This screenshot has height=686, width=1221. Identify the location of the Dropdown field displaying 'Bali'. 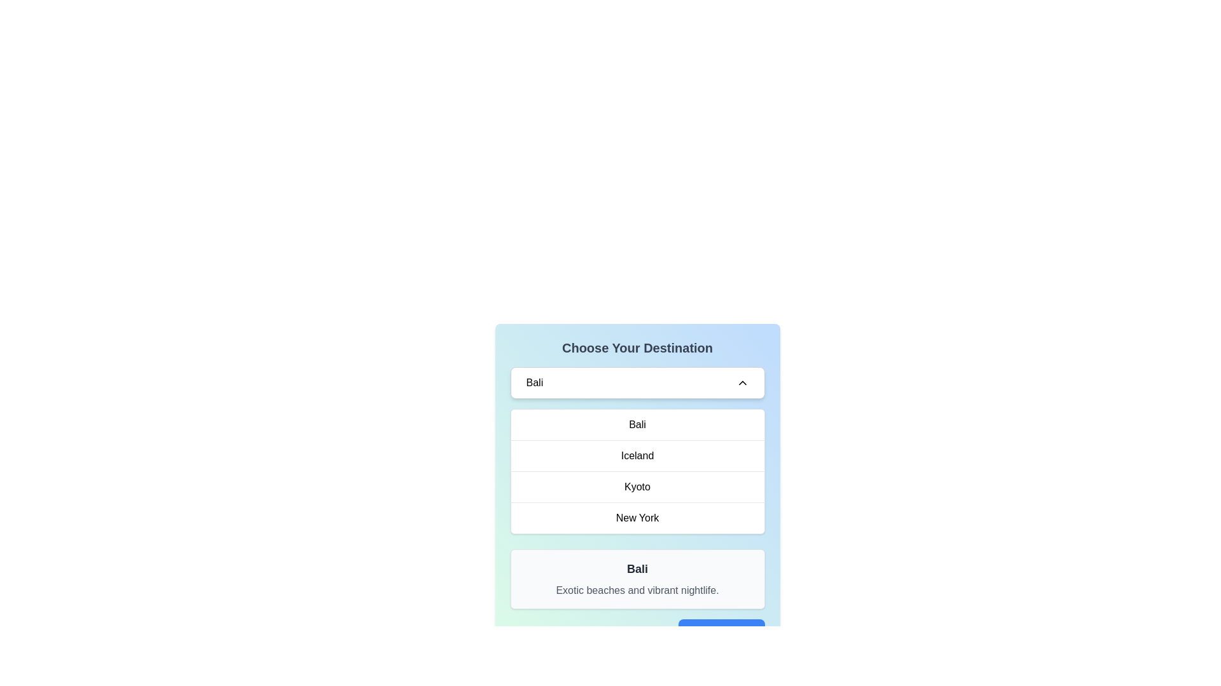
(637, 382).